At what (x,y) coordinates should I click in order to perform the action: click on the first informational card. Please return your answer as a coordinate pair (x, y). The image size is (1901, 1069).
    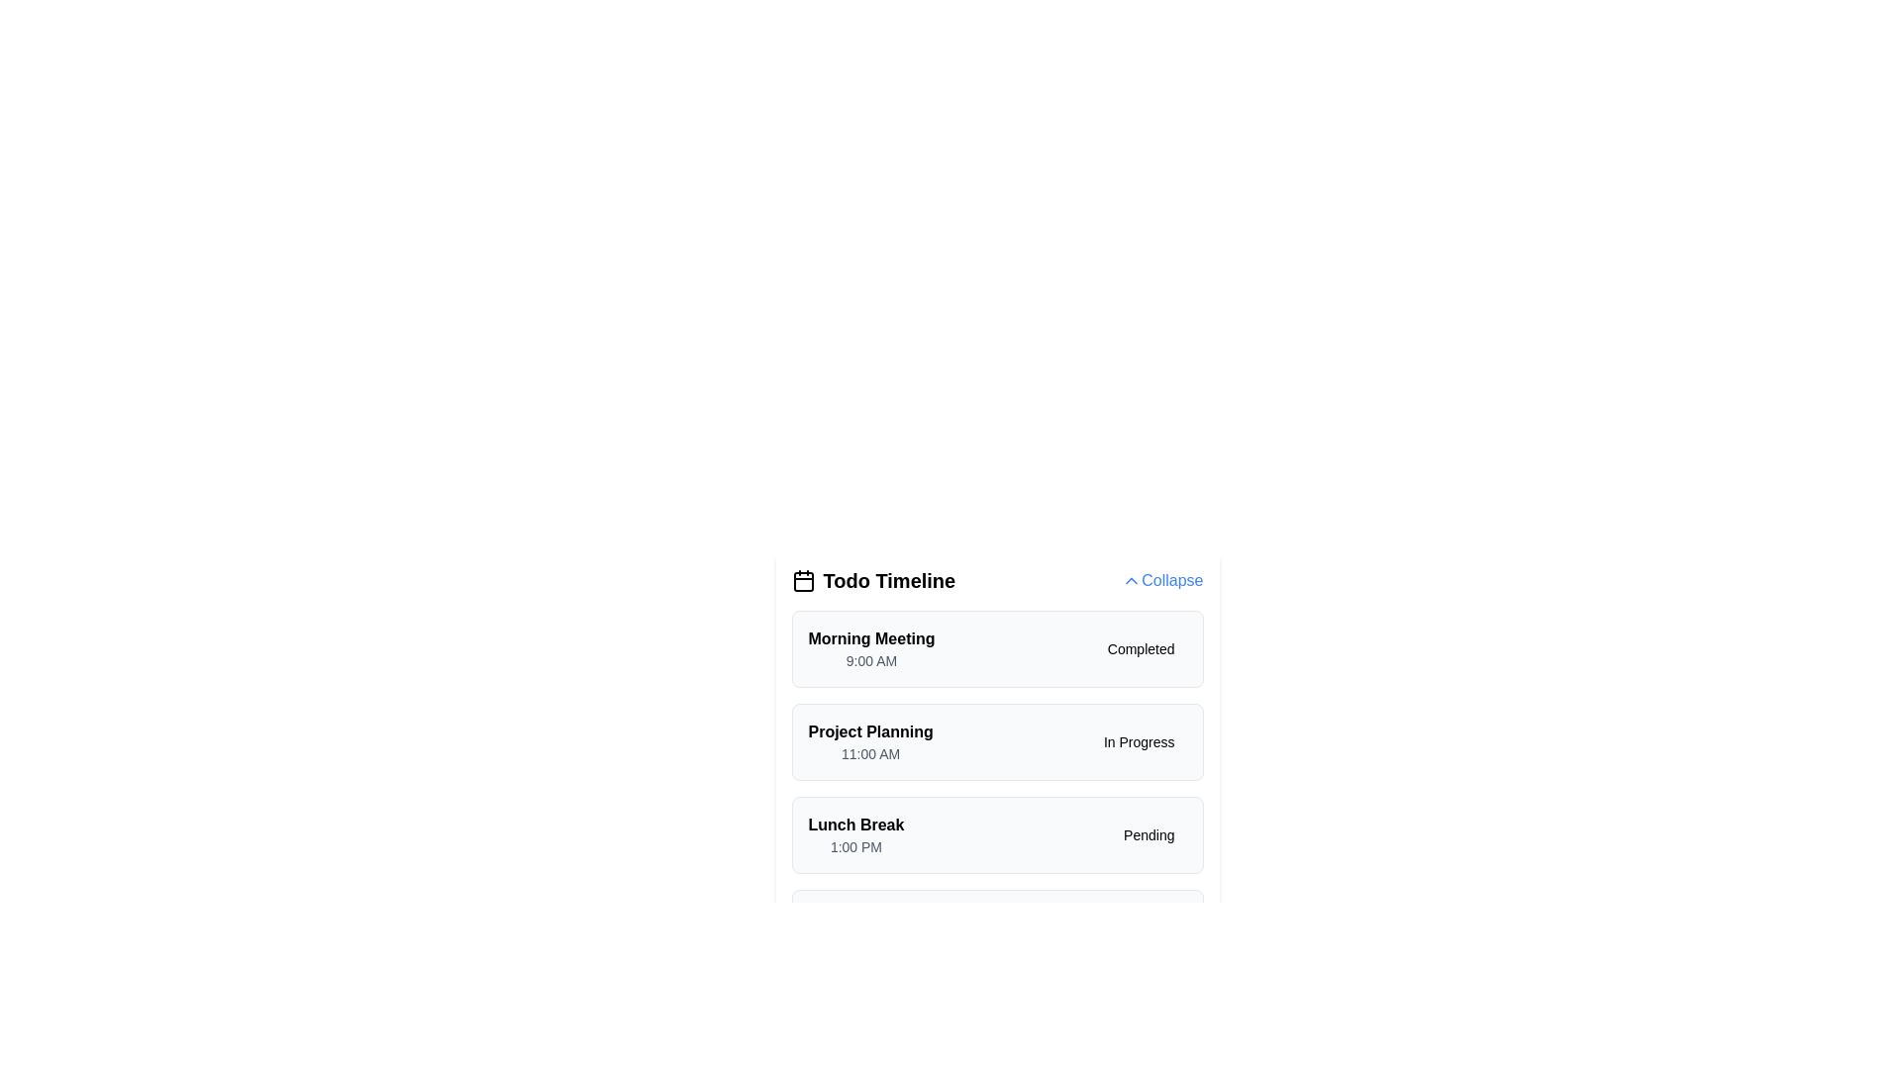
    Looking at the image, I should click on (997, 648).